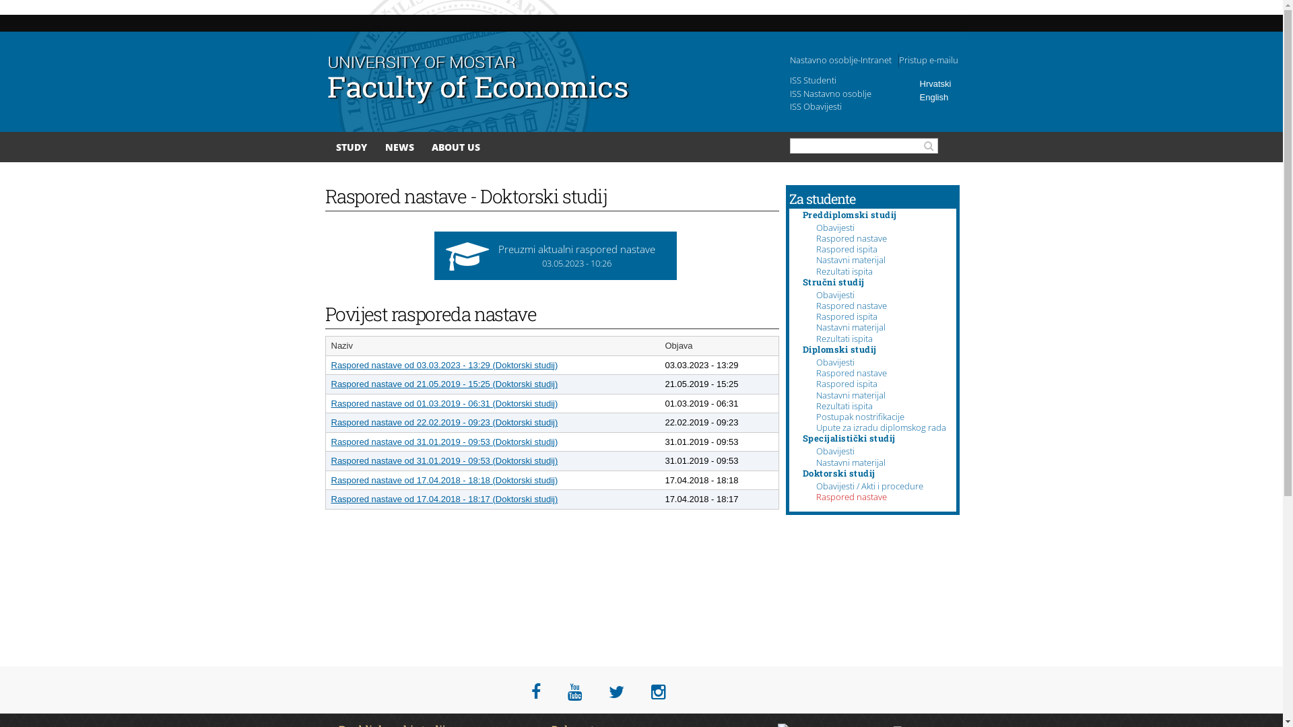  Describe the element at coordinates (851, 238) in the screenshot. I see `'Raspored nastave'` at that location.